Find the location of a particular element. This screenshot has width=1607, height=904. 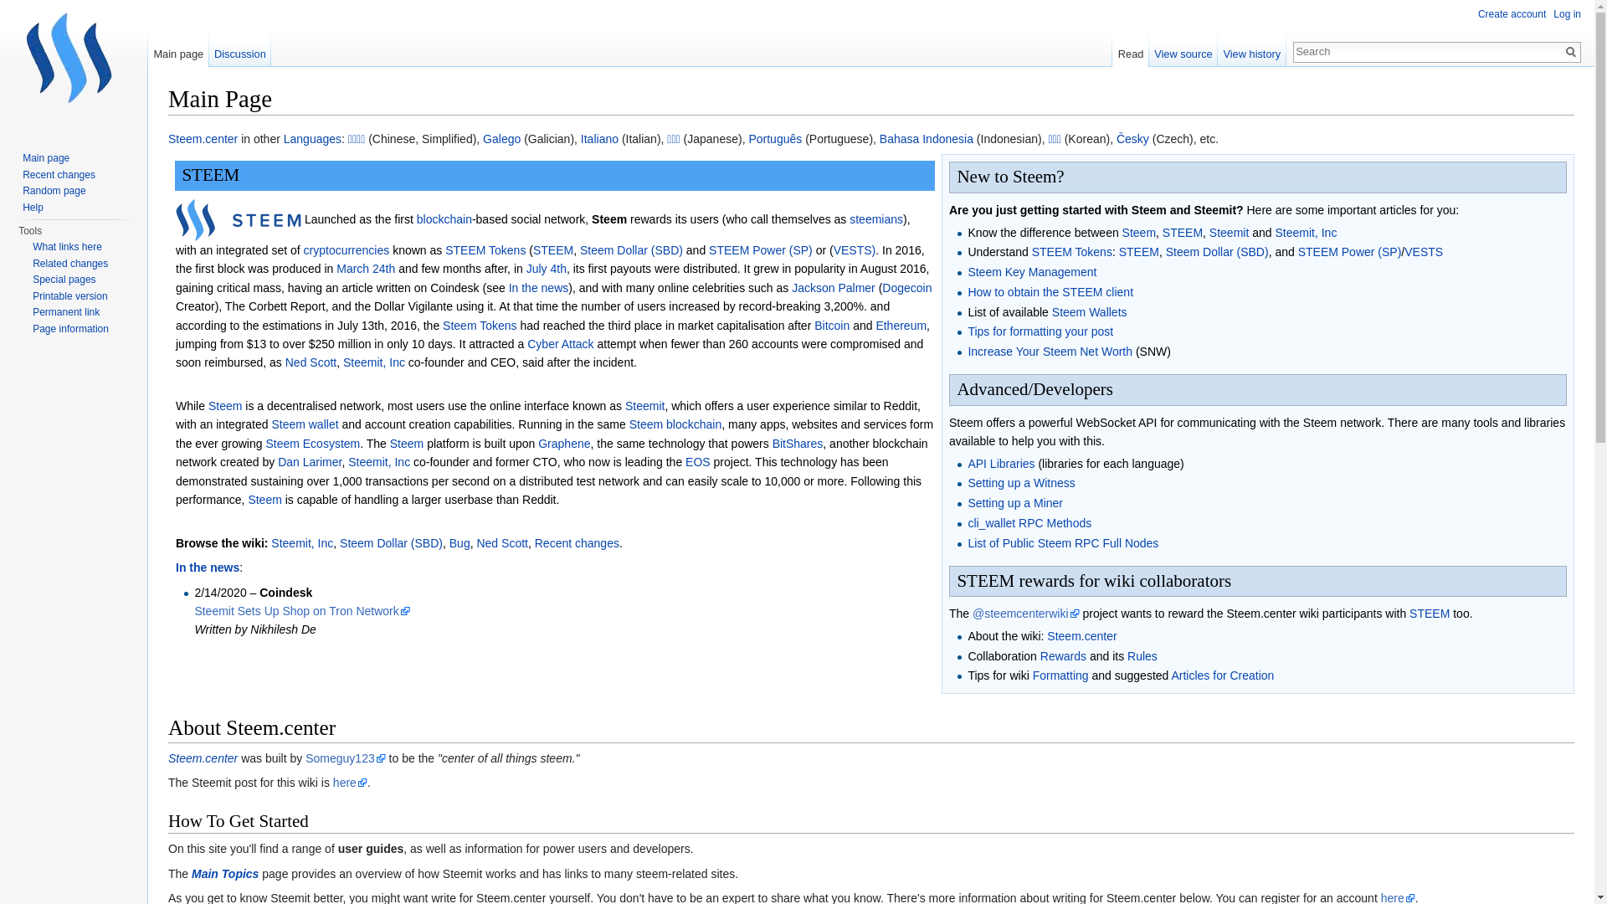

'Galego' is located at coordinates (481, 137).